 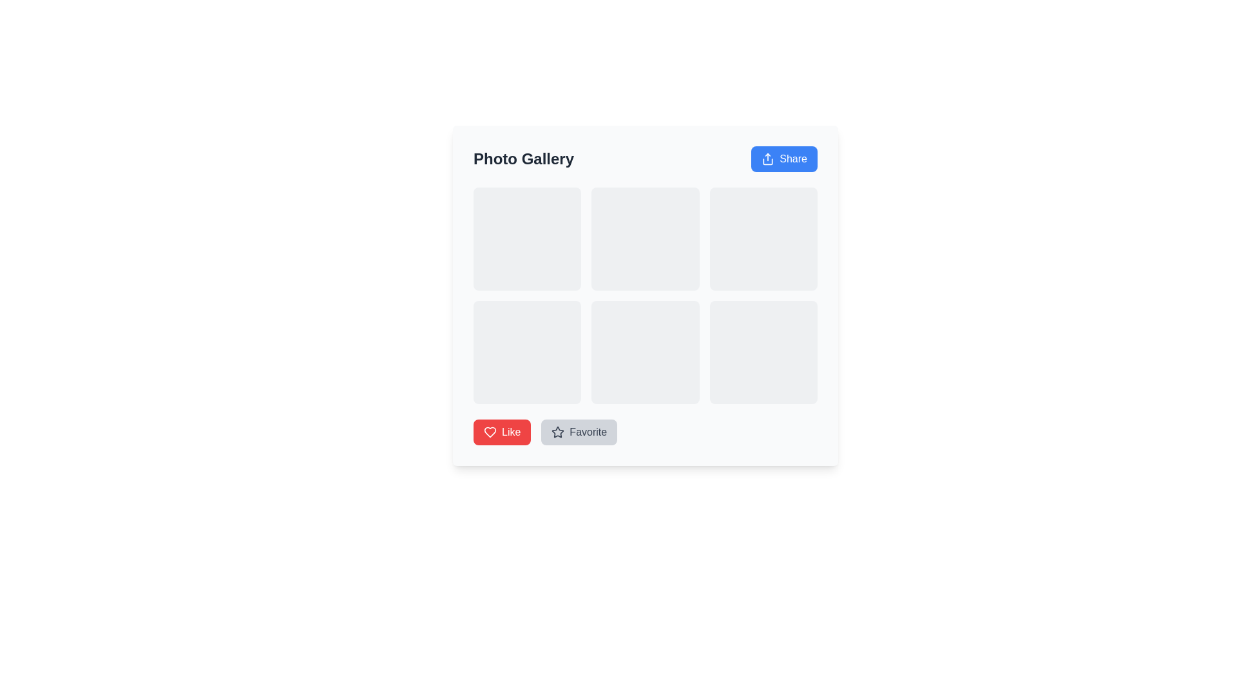 I want to click on the Placeholder element styled as a rectangle with rounded corners and a light gray background, located in the second position of the second row of a 3x2 grid layout, so click(x=646, y=353).